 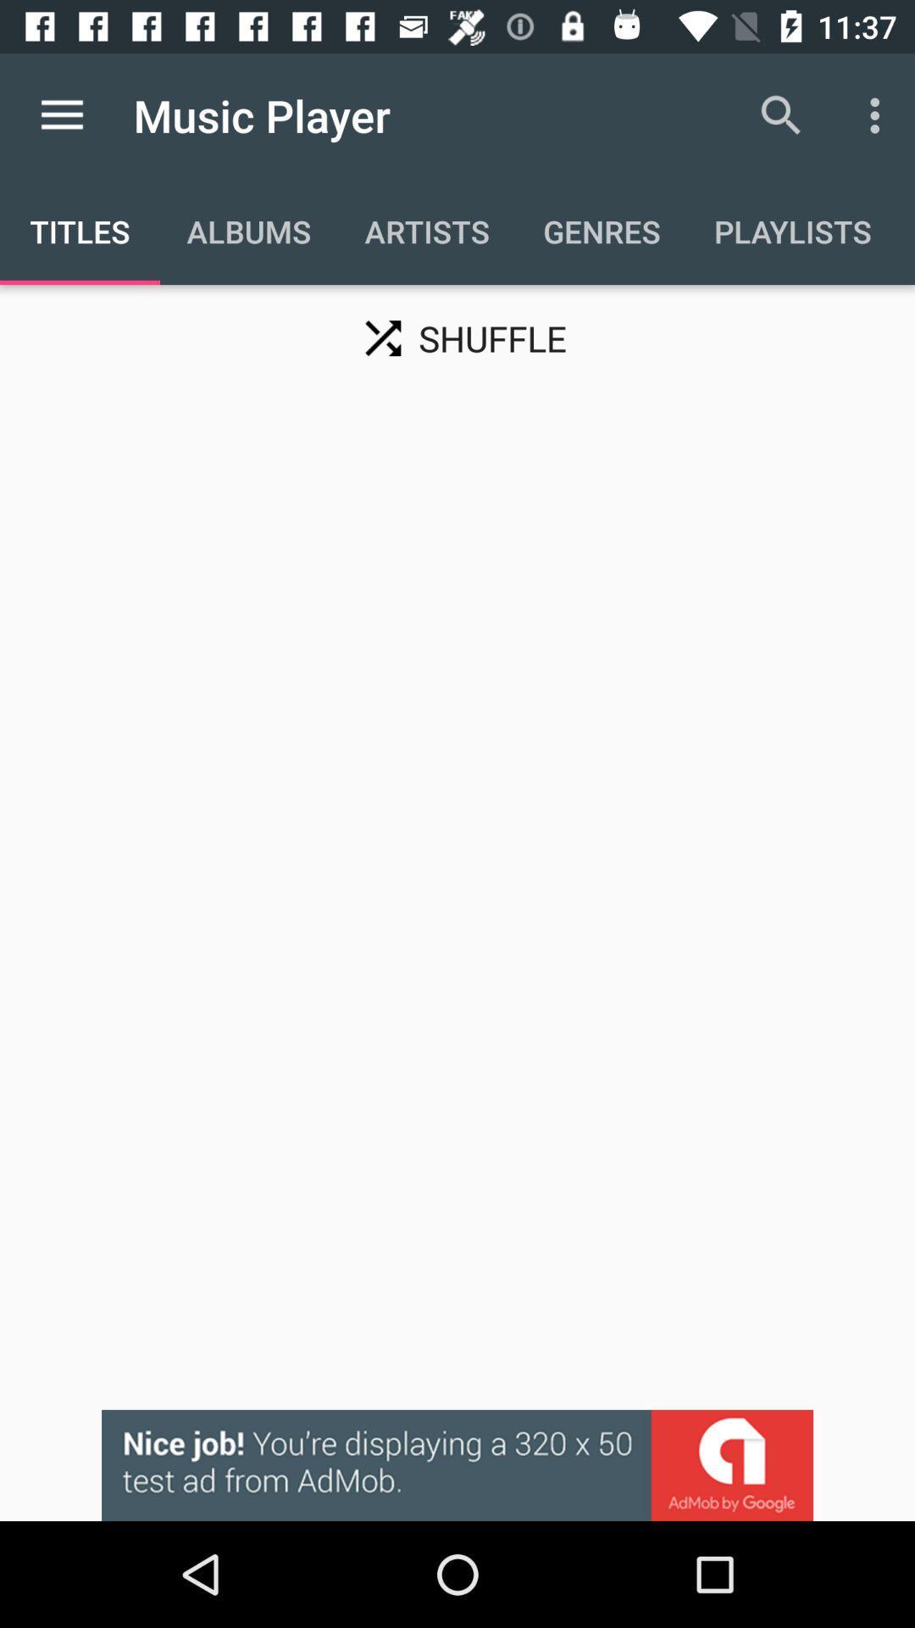 I want to click on click menu option, so click(x=61, y=114).